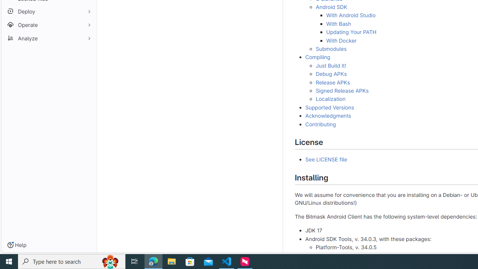  Describe the element at coordinates (332, 82) in the screenshot. I see `'Release APKs'` at that location.